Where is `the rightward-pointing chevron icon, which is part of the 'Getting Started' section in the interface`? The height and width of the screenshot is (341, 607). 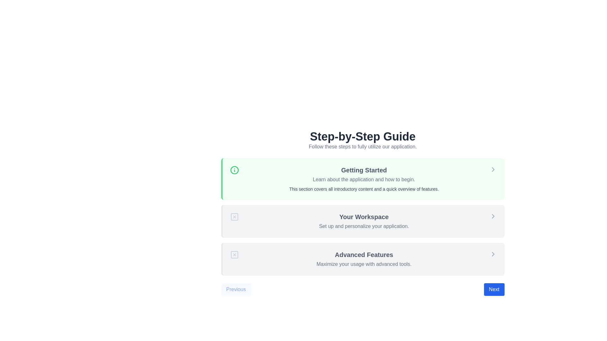
the rightward-pointing chevron icon, which is part of the 'Getting Started' section in the interface is located at coordinates (493, 254).